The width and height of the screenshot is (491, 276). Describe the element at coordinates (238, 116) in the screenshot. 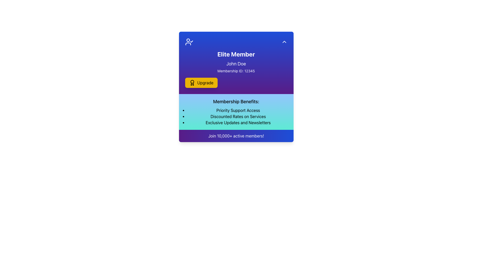

I see `text from the text-based list styled with bullet points located underneath the heading 'Membership Benefits:' in the lower half of the card-like interface` at that location.